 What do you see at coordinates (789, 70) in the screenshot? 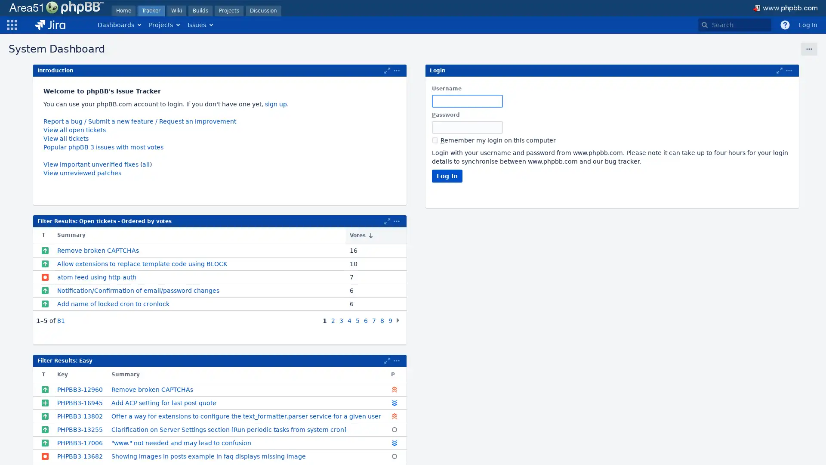
I see `Expand` at bounding box center [789, 70].